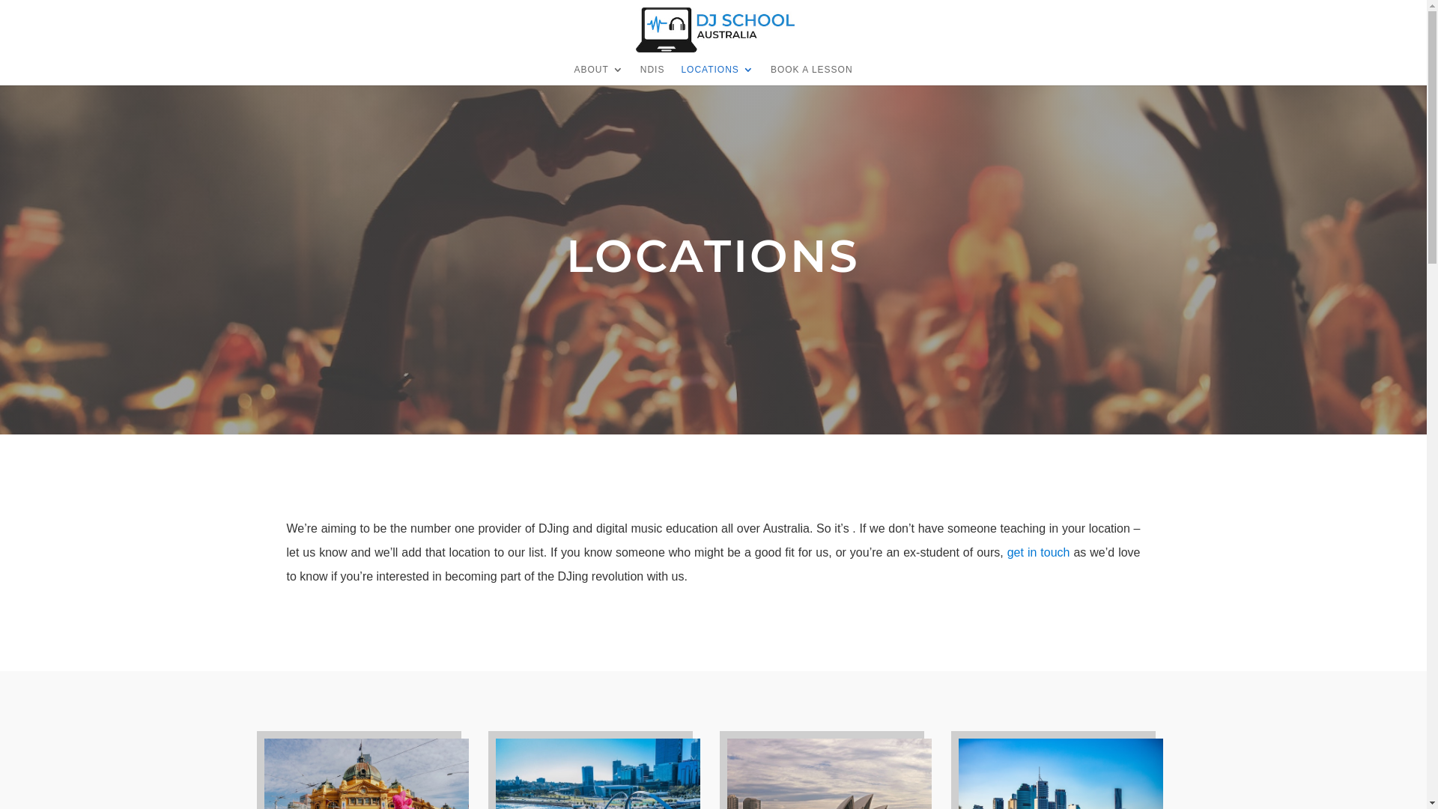  I want to click on 'LOCATIONS', so click(716, 75).